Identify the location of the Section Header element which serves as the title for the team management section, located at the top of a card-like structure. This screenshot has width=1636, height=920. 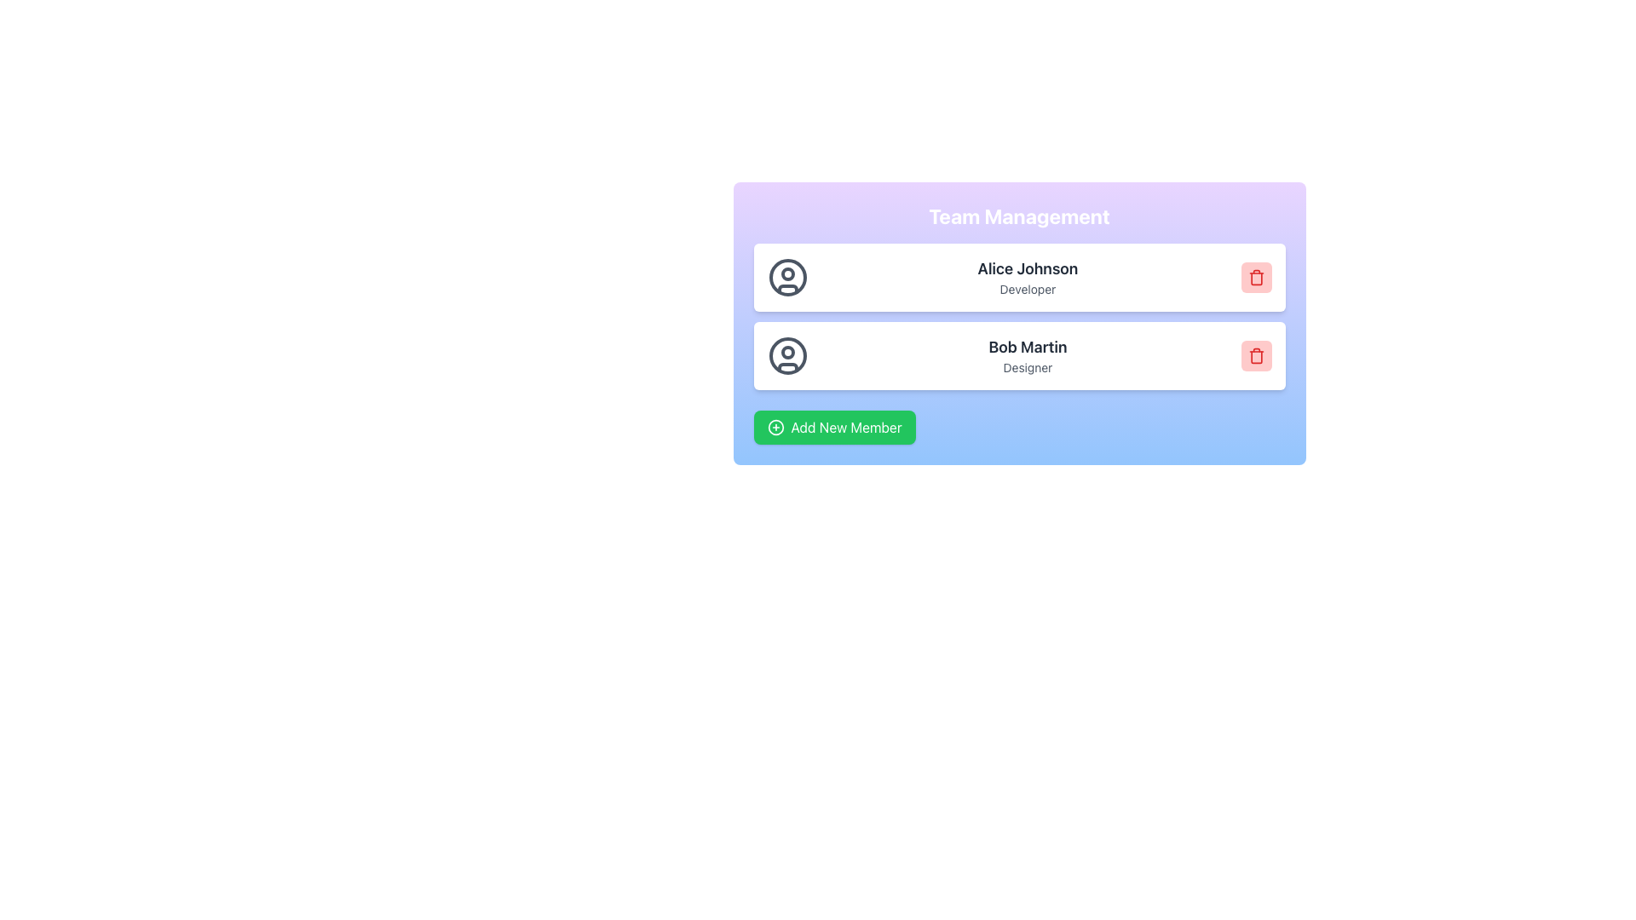
(1019, 216).